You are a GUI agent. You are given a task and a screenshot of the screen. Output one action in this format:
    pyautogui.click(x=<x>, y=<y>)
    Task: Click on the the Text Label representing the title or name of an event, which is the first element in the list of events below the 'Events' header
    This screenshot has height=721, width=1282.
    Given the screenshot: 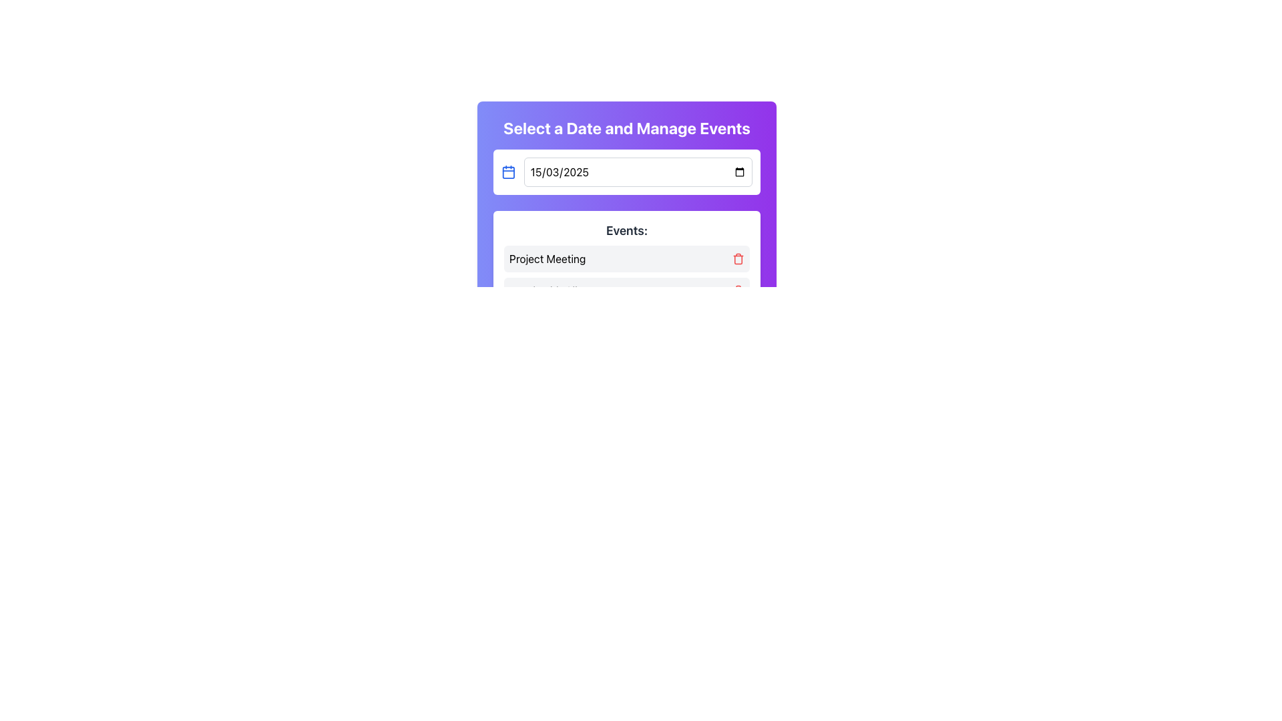 What is the action you would take?
    pyautogui.click(x=548, y=259)
    